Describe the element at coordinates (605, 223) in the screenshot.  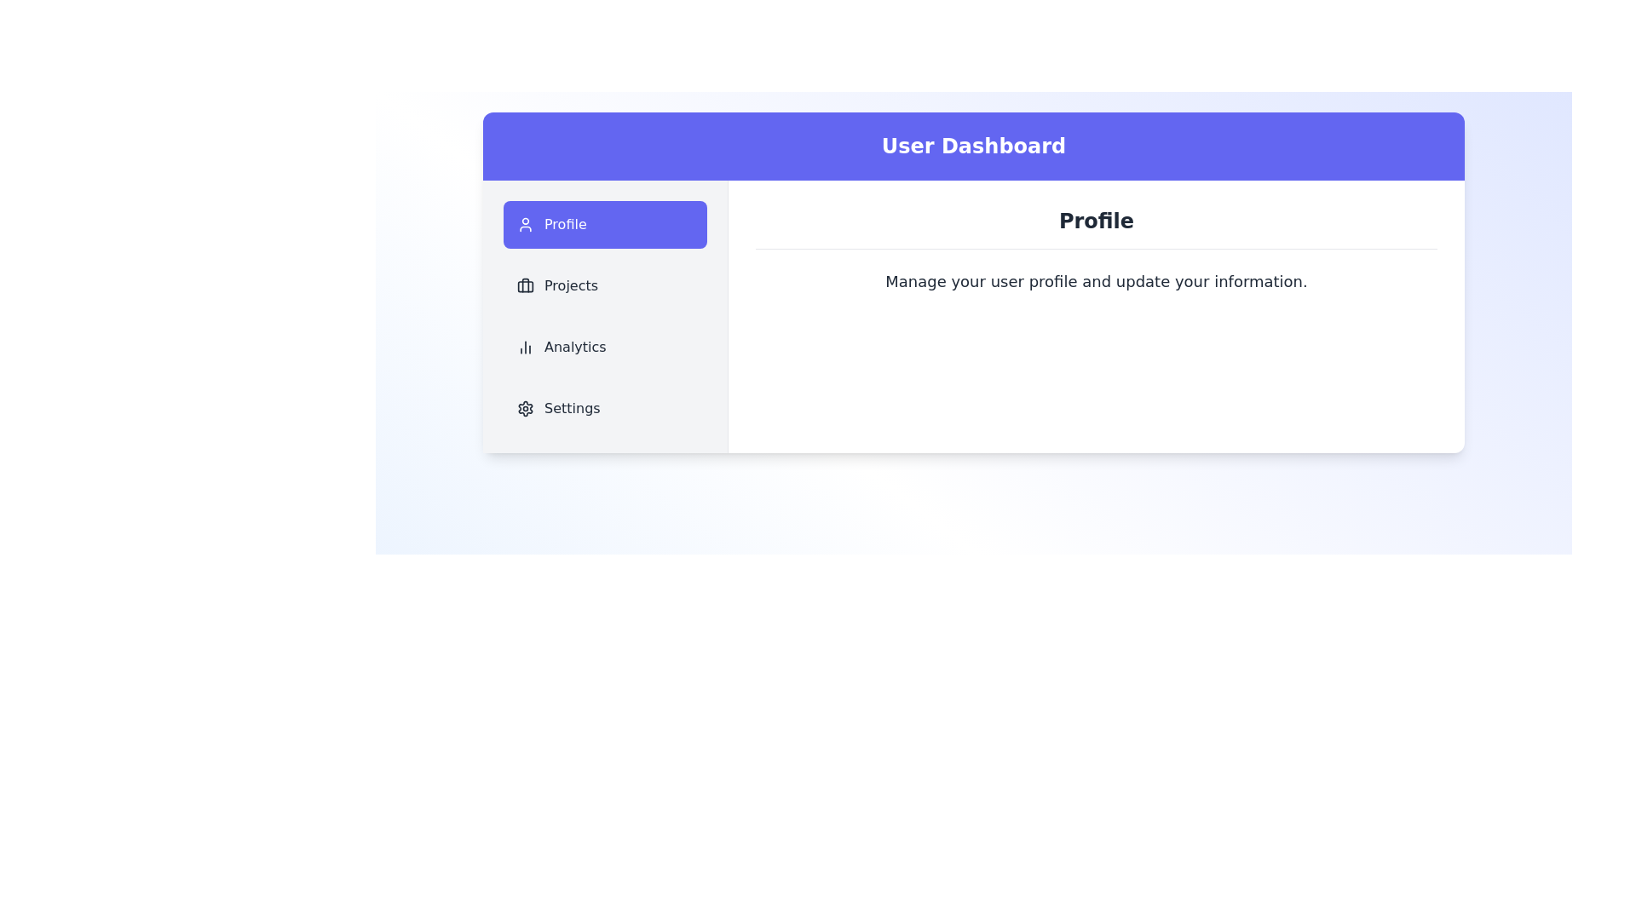
I see `the Profile tab in the sidebar` at that location.